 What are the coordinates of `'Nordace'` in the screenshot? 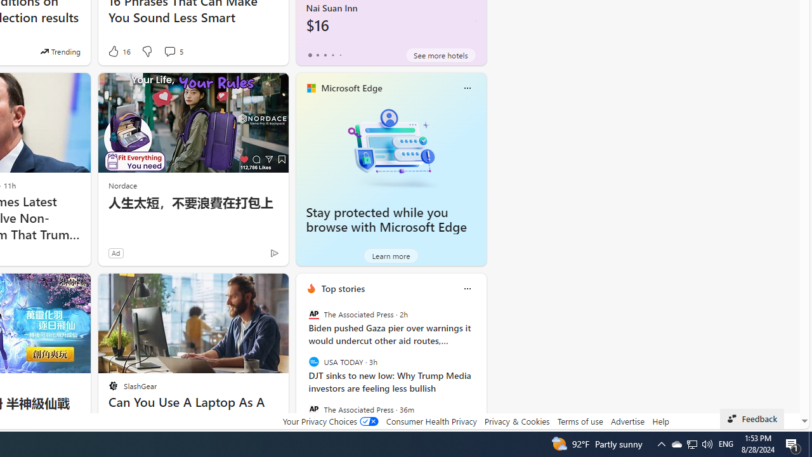 It's located at (122, 185).